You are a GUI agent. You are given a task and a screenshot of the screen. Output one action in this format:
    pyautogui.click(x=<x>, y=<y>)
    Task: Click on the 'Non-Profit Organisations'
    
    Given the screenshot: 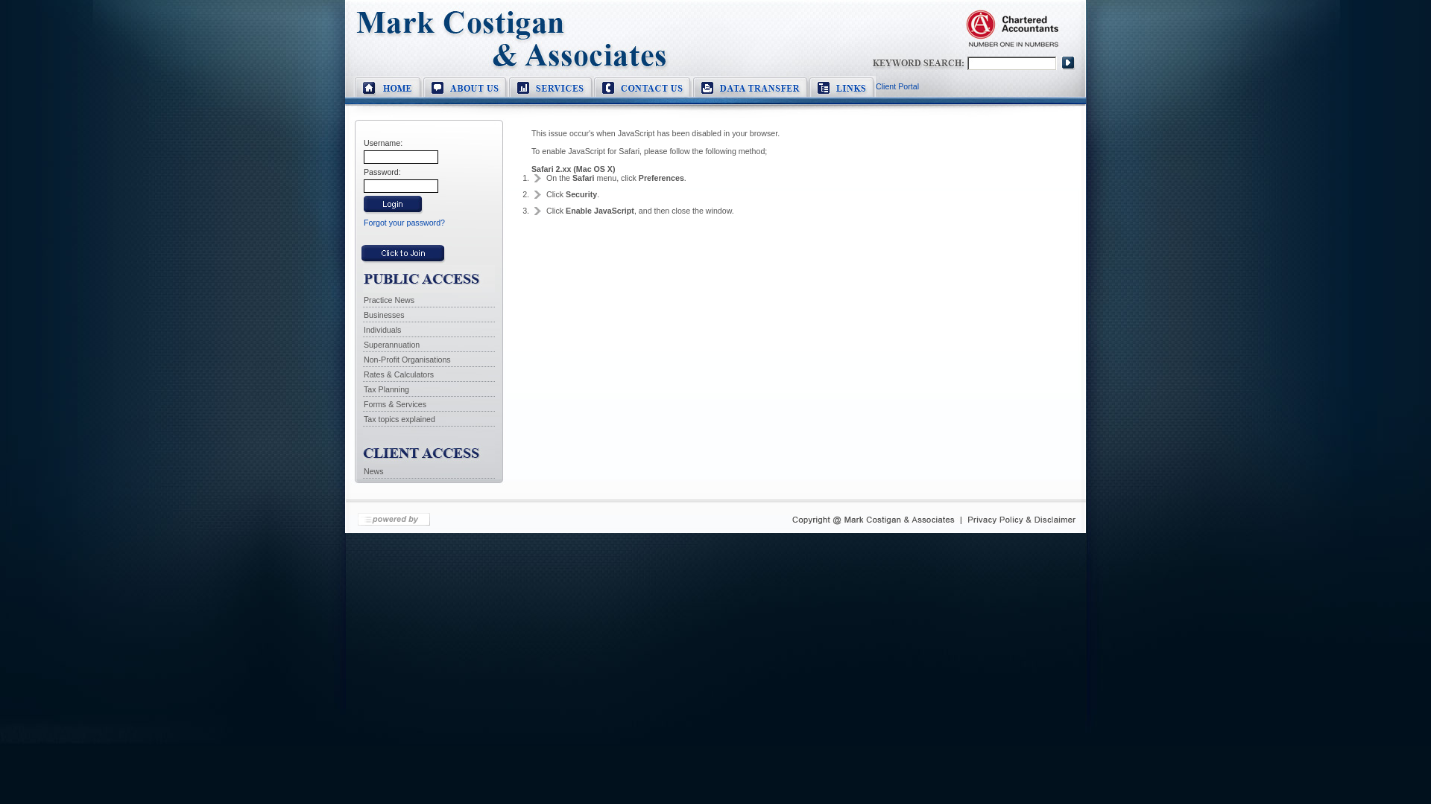 What is the action you would take?
    pyautogui.click(x=407, y=359)
    